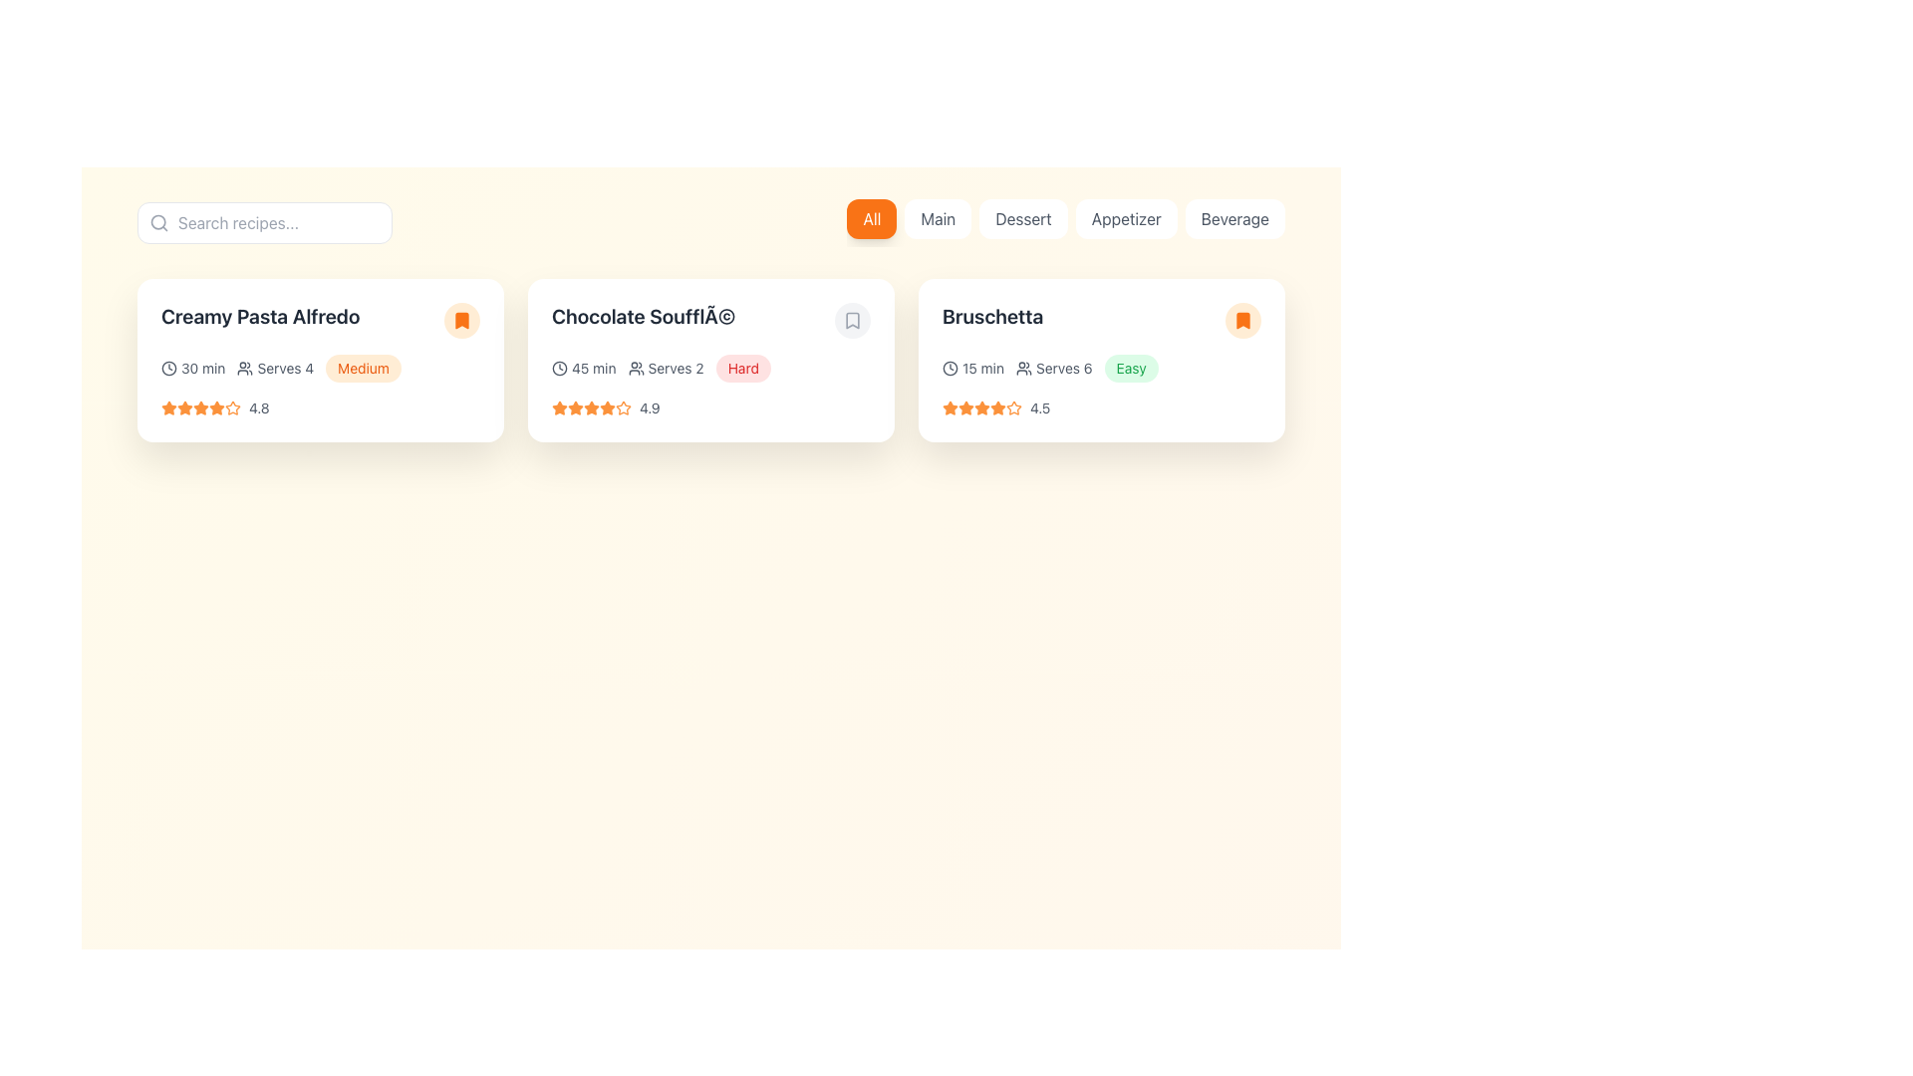 The height and width of the screenshot is (1076, 1913). What do you see at coordinates (185, 406) in the screenshot?
I see `the five-pointed star icon filled with a gradient from orange` at bounding box center [185, 406].